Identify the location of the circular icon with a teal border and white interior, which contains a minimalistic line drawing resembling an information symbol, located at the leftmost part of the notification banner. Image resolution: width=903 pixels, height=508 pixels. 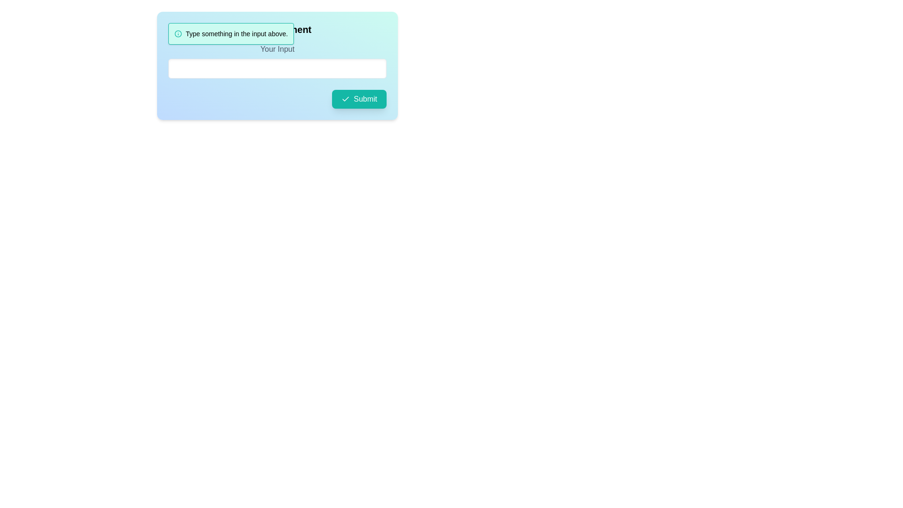
(178, 33).